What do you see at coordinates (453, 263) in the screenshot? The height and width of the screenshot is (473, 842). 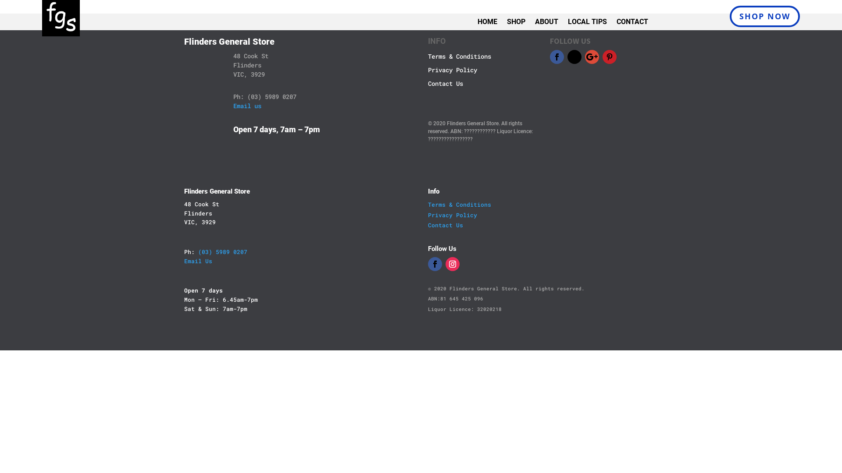 I see `'Follow on Instagram'` at bounding box center [453, 263].